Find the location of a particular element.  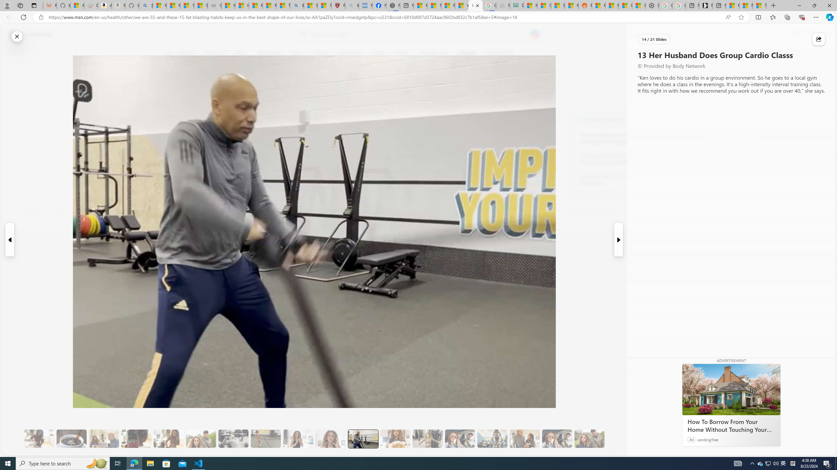

'19 It Also Simplifies Thiings' is located at coordinates (557, 439).